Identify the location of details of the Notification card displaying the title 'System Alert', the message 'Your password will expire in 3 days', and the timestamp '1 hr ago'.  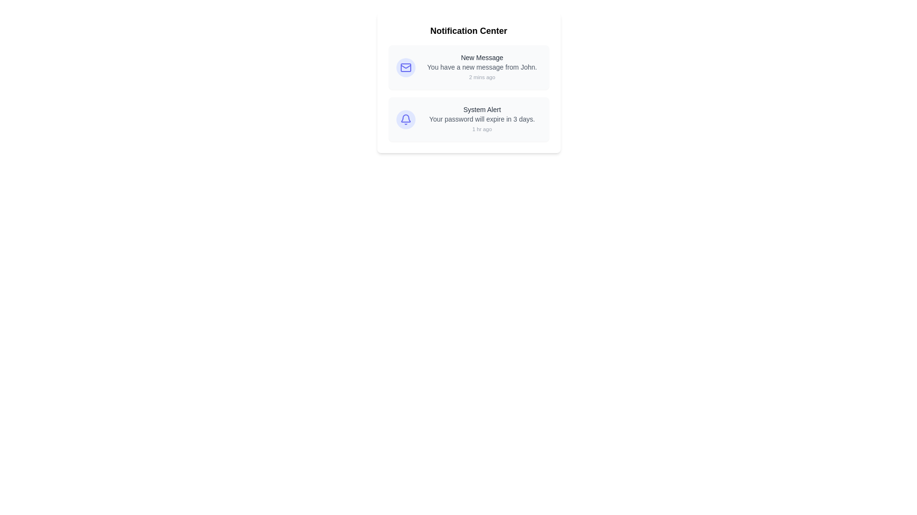
(469, 119).